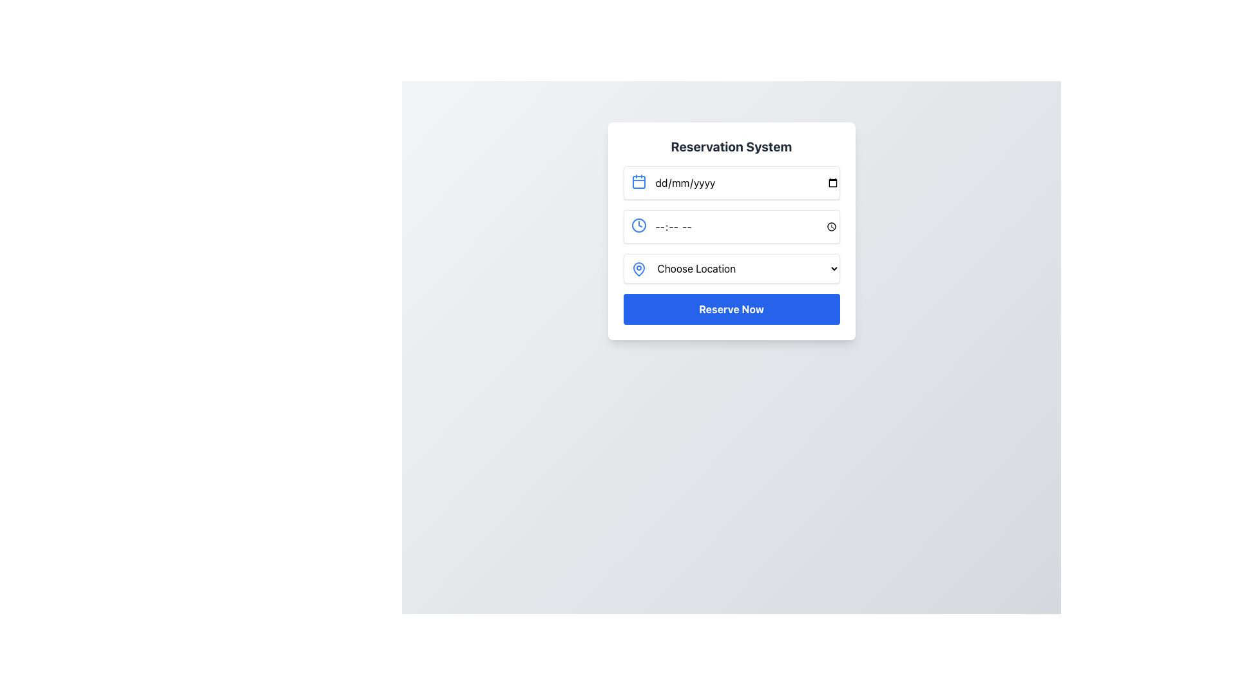 This screenshot has height=696, width=1237. I want to click on the second input field for time input within the reservation system card, so click(731, 230).